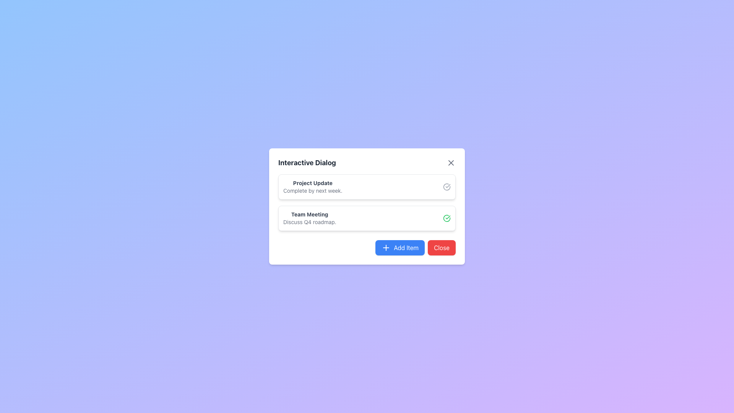  What do you see at coordinates (442, 248) in the screenshot?
I see `the close button located at the bottom right of the dialog box` at bounding box center [442, 248].